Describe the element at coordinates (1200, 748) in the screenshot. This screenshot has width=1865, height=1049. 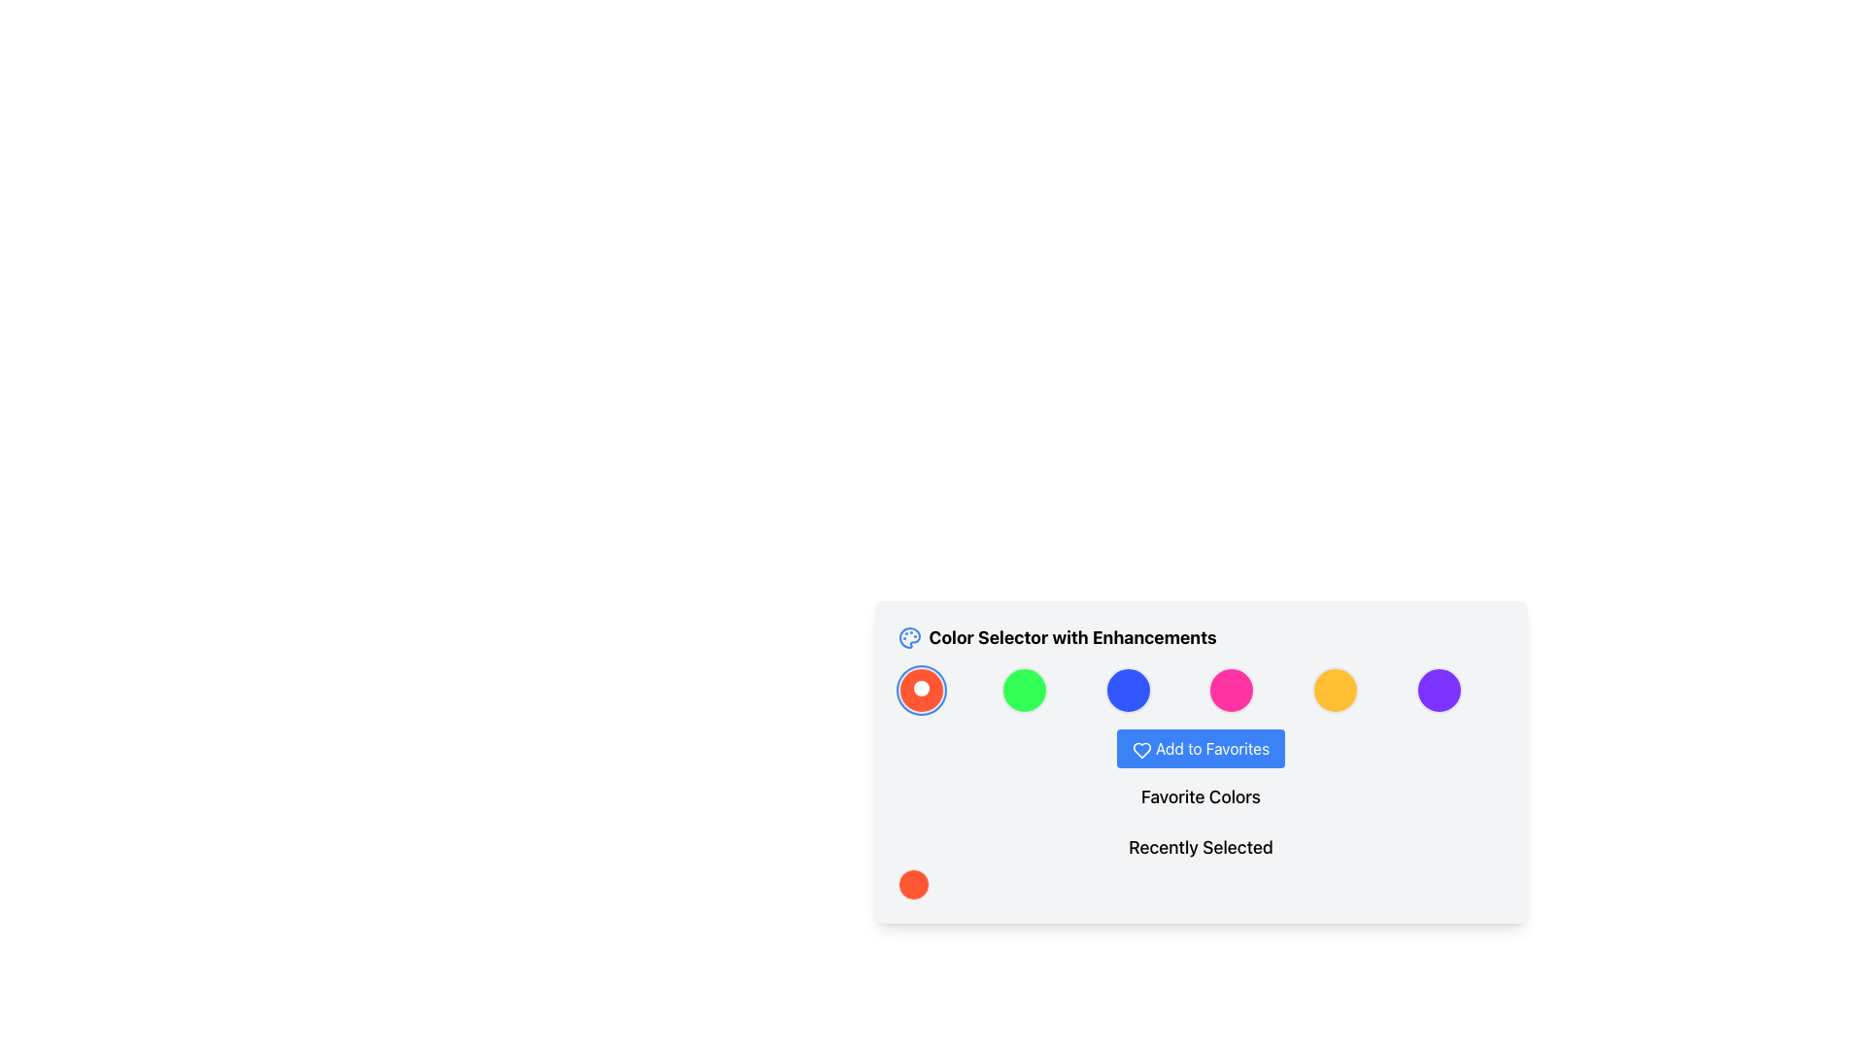
I see `the button that allows users` at that location.